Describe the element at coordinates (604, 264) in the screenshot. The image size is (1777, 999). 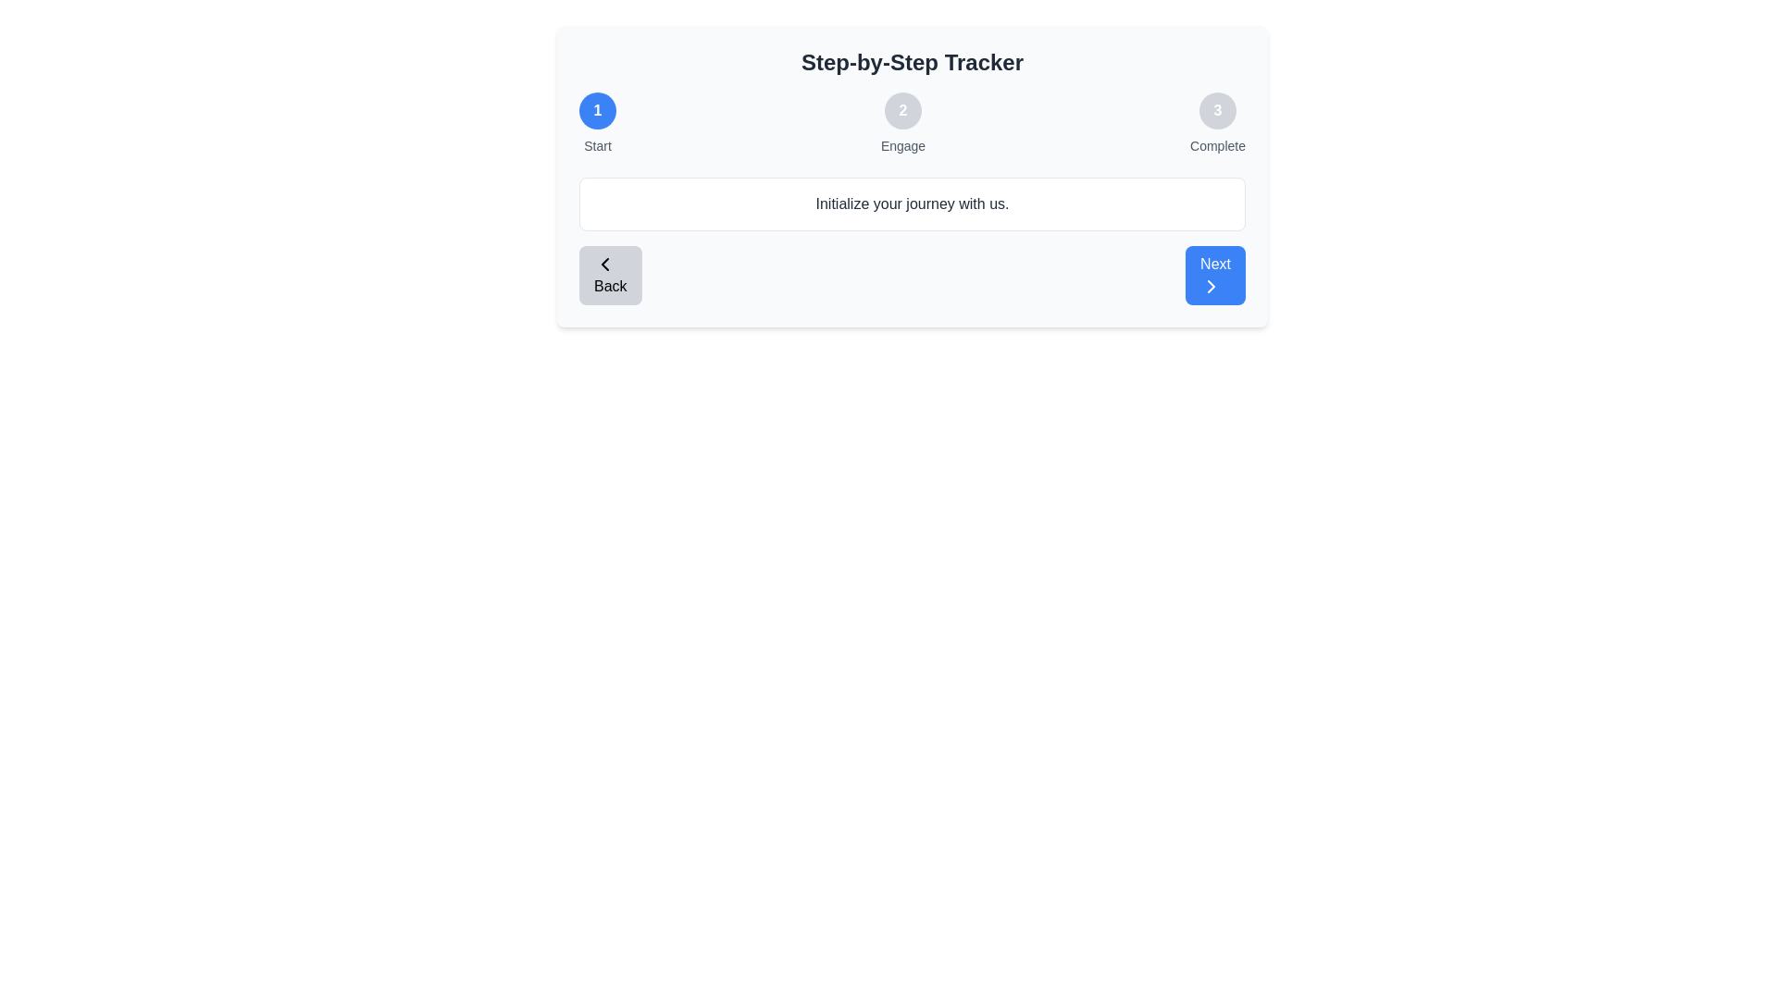
I see `the Chevron icon located in the 'Back' button area, which is slightly offset to the left of the button's center` at that location.